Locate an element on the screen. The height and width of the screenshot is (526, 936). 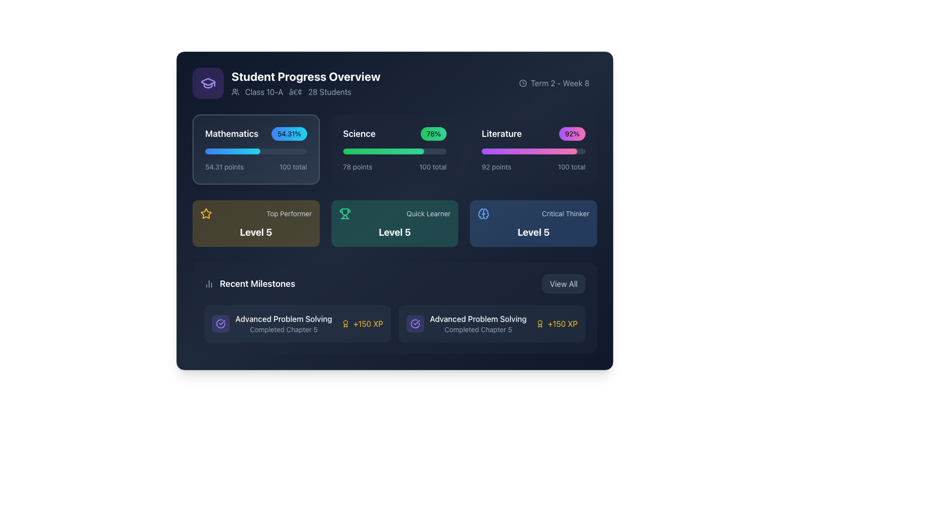
the milestone achievement indicator located in the 'Recent Milestones' section, specifically on the rightmost card, which displays details on chapter completion is located at coordinates (478, 323).